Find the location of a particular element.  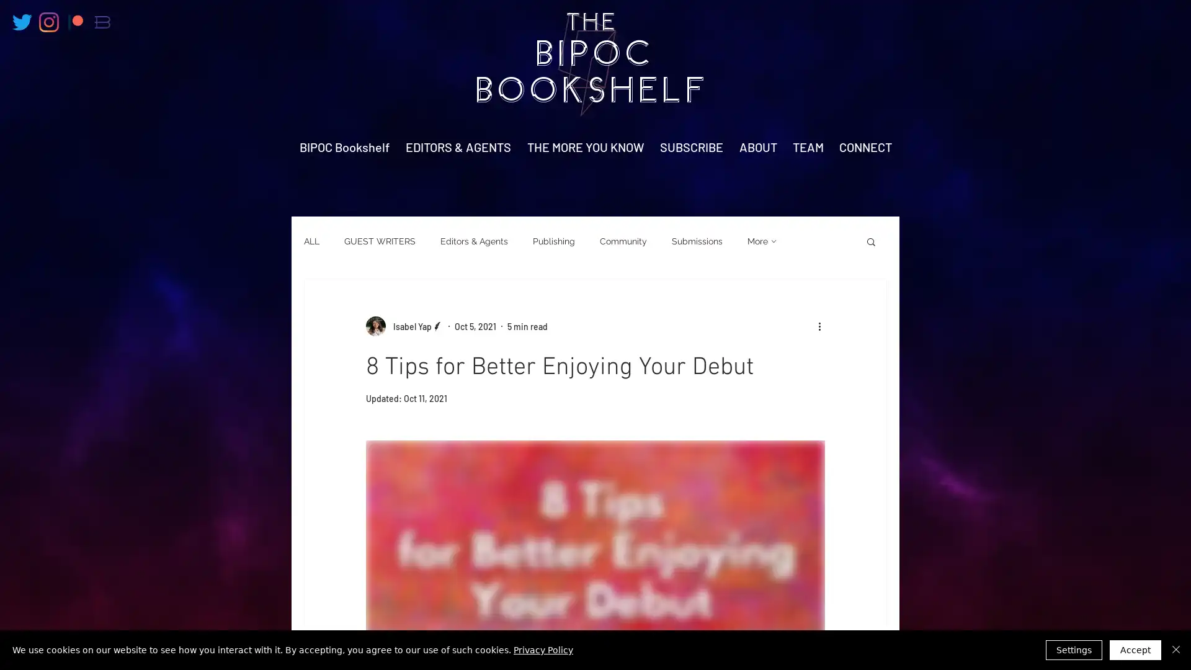

Close is located at coordinates (1175, 650).